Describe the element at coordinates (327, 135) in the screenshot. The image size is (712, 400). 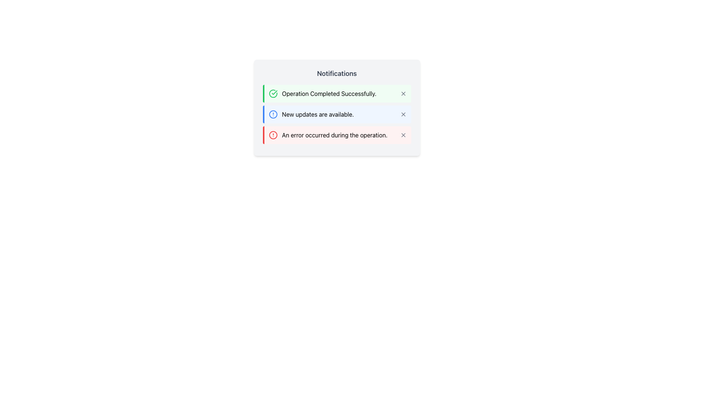
I see `text of the alert notification card located at the bottom of the vertically stacked notification list, which is the third entry in the list` at that location.